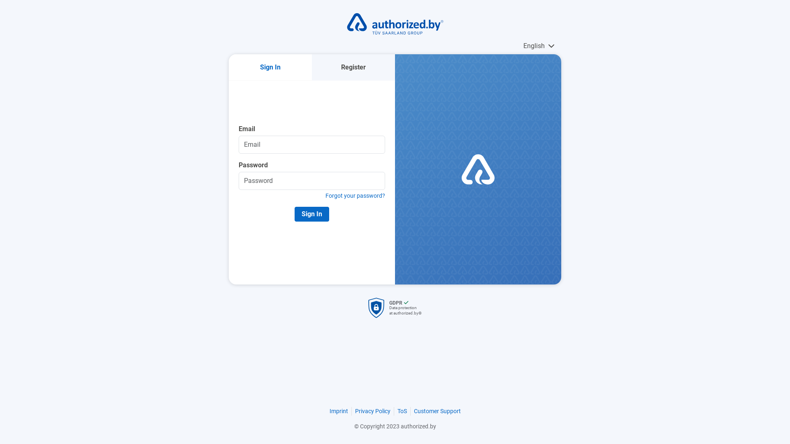  Describe the element at coordinates (372, 411) in the screenshot. I see `'Privacy Policy'` at that location.